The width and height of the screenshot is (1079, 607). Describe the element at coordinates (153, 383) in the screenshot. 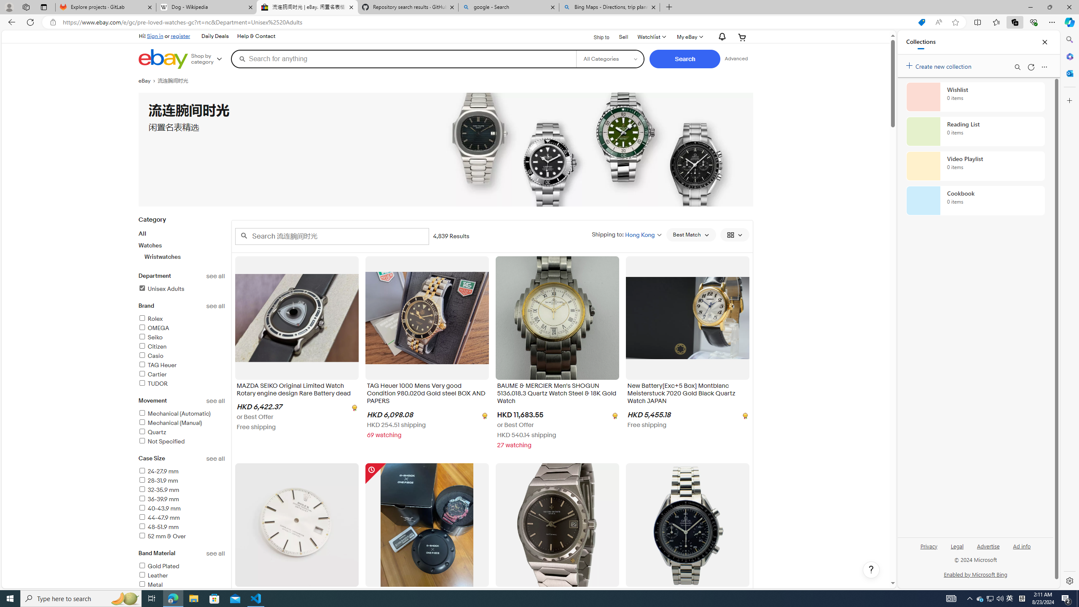

I see `'TUDOR'` at that location.